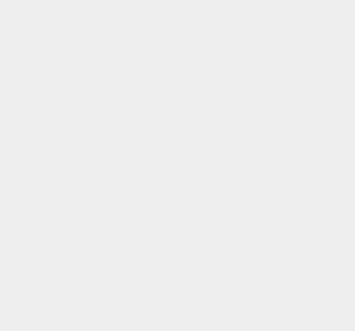  I want to click on 'macOS 14', so click(261, 206).